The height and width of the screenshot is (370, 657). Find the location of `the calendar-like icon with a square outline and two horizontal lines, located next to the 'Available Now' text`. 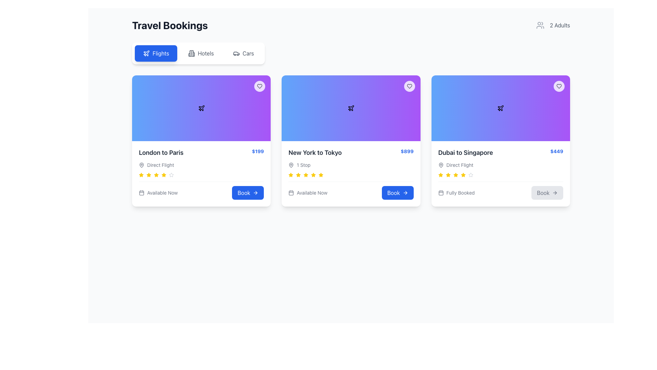

the calendar-like icon with a square outline and two horizontal lines, located next to the 'Available Now' text is located at coordinates (141, 193).